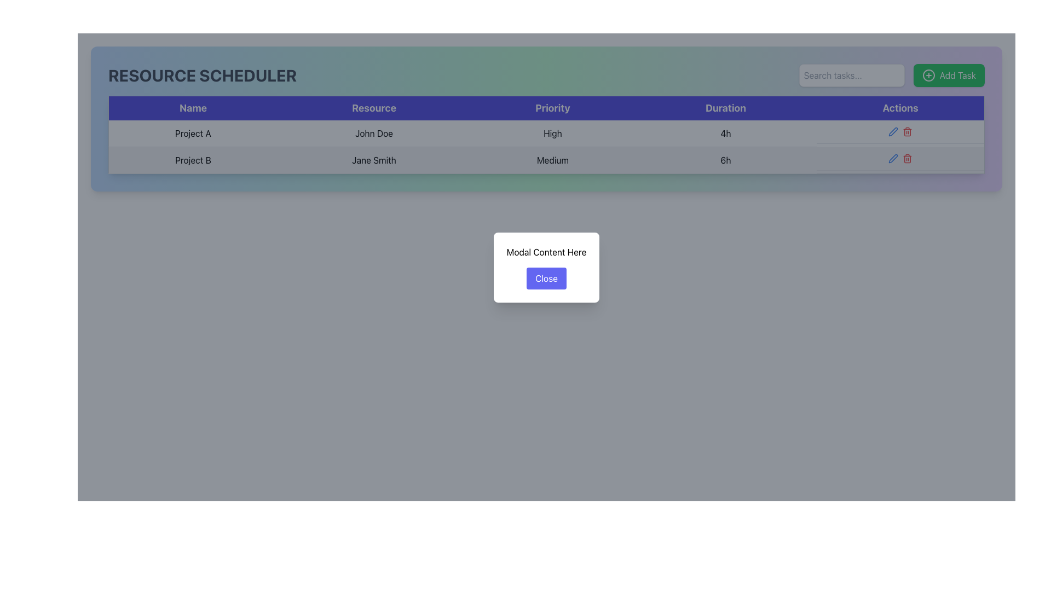 This screenshot has width=1051, height=591. What do you see at coordinates (546, 267) in the screenshot?
I see `the 'Close' button on the modal window that presents information and has a semi-transparent gray background` at bounding box center [546, 267].